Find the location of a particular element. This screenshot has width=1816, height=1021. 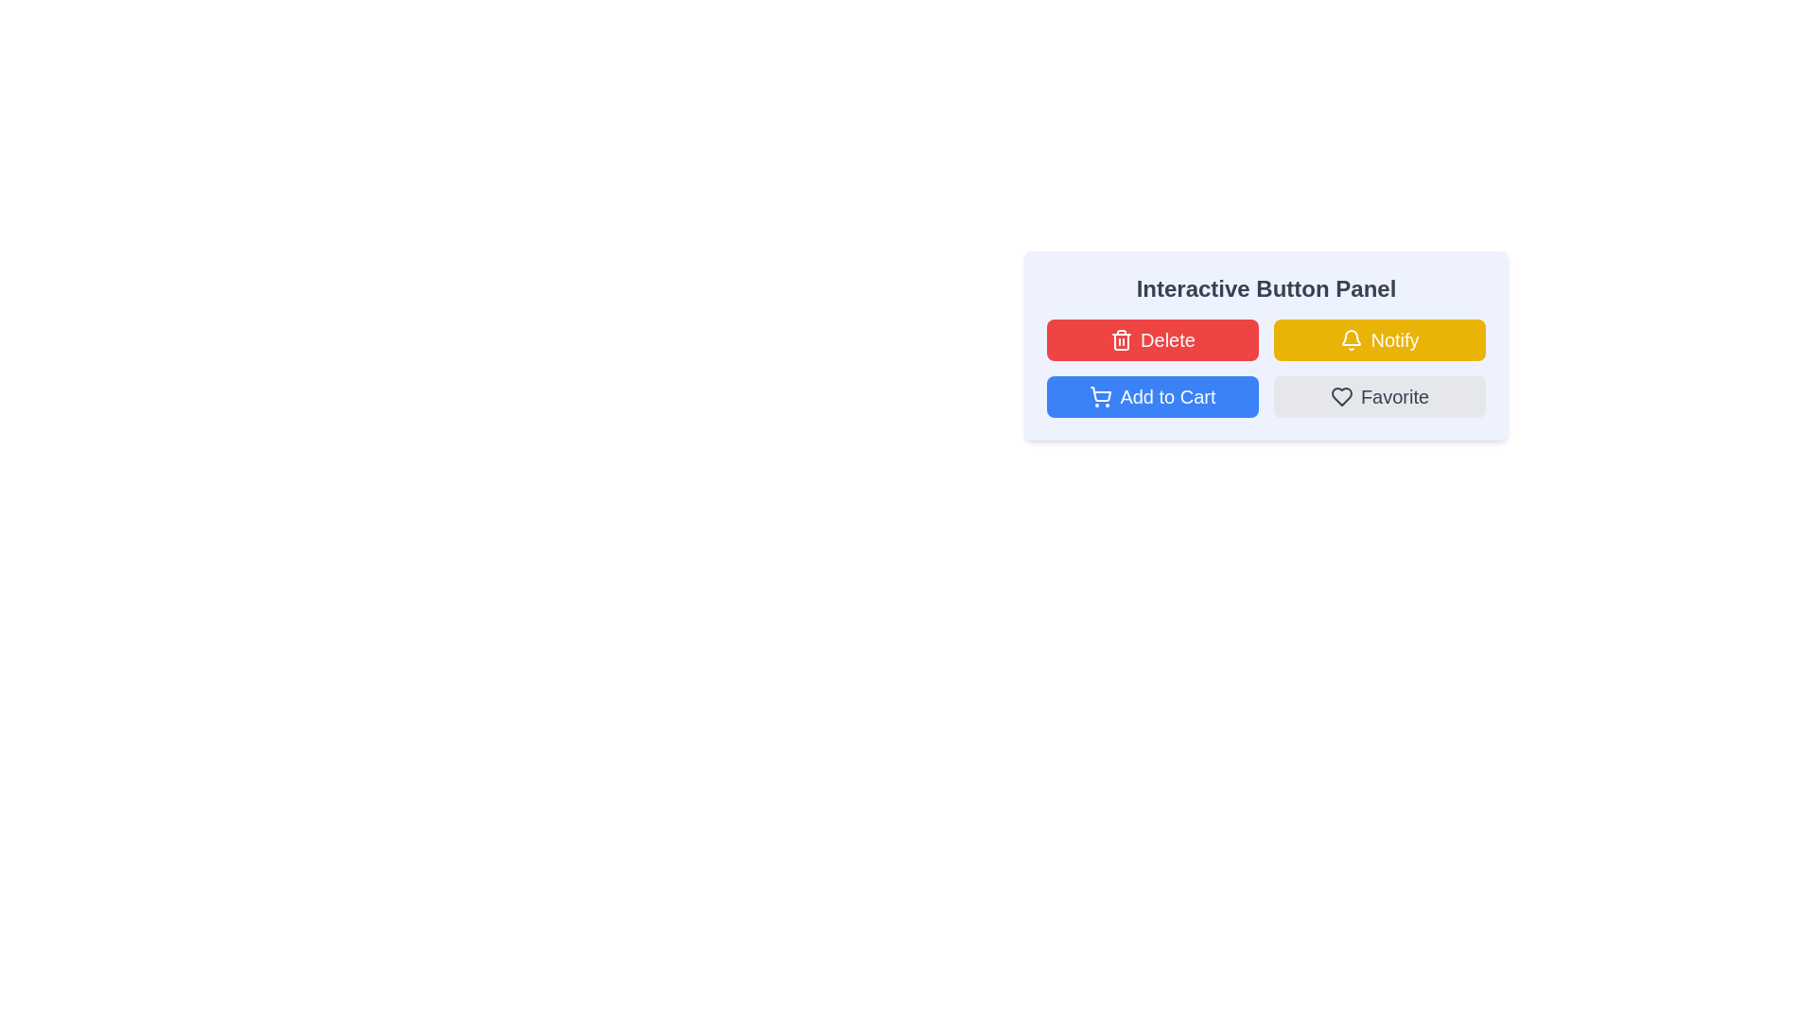

the blue 'Add to Cart' button with rounded edges to observe the hover effect that changes its background to a darker blue shade is located at coordinates (1152, 396).